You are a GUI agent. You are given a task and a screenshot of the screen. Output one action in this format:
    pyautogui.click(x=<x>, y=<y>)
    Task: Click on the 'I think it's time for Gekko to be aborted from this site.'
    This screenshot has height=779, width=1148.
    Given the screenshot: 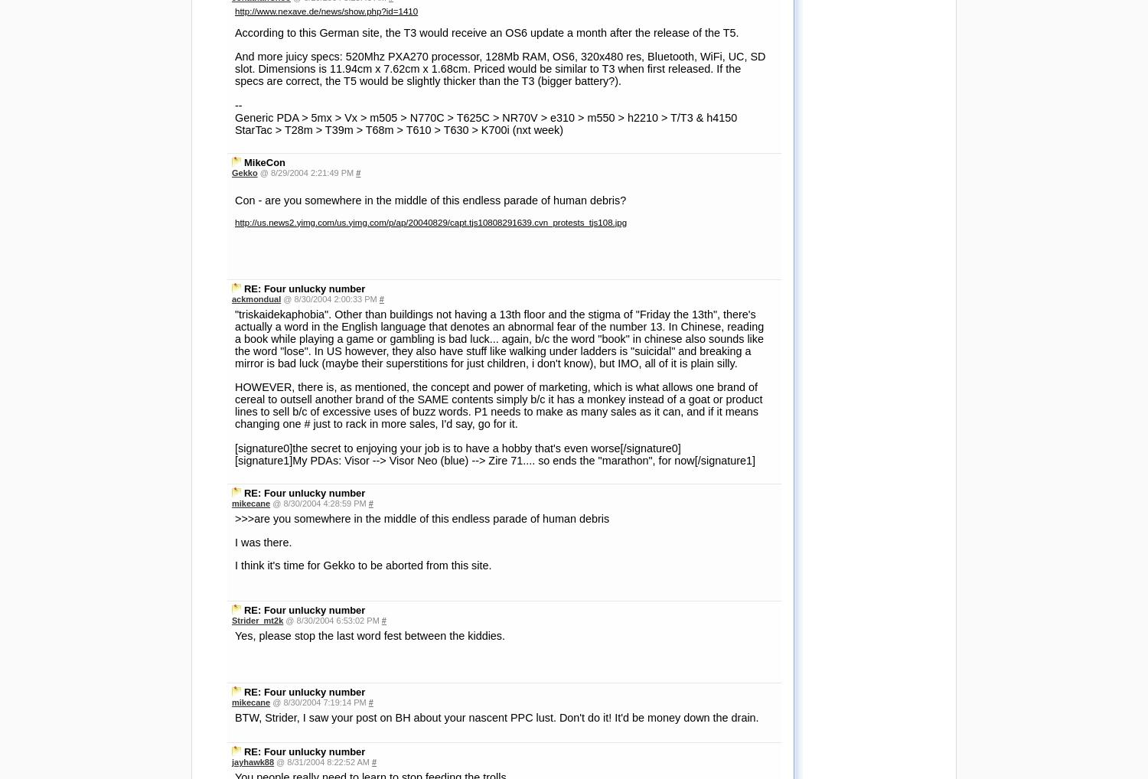 What is the action you would take?
    pyautogui.click(x=362, y=136)
    